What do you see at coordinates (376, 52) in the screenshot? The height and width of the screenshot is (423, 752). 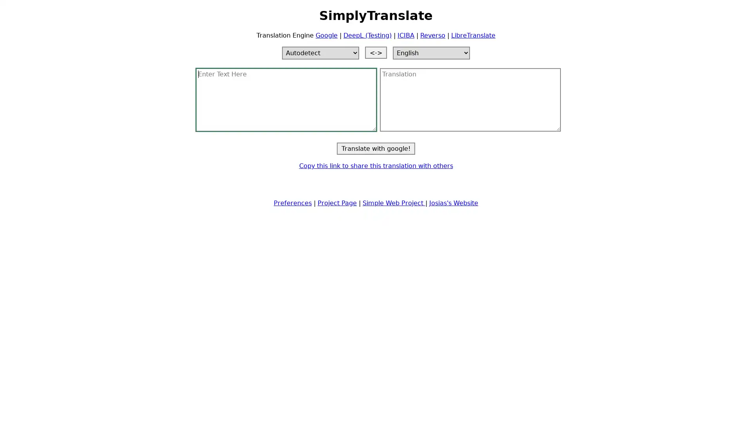 I see `Switch languages` at bounding box center [376, 52].